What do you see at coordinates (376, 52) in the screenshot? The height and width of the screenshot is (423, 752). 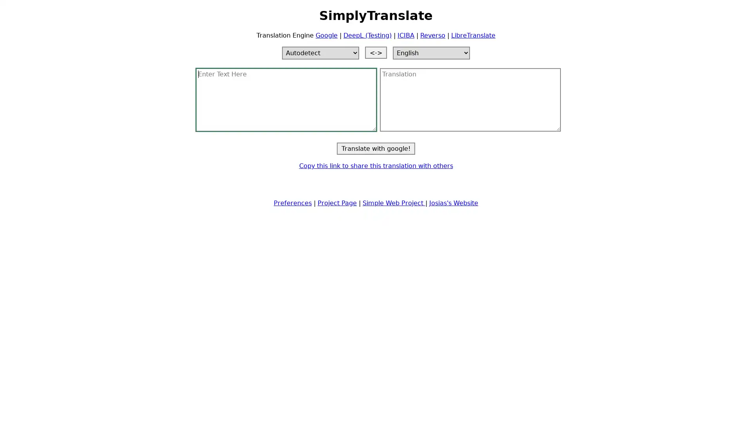 I see `Switch languages` at bounding box center [376, 52].